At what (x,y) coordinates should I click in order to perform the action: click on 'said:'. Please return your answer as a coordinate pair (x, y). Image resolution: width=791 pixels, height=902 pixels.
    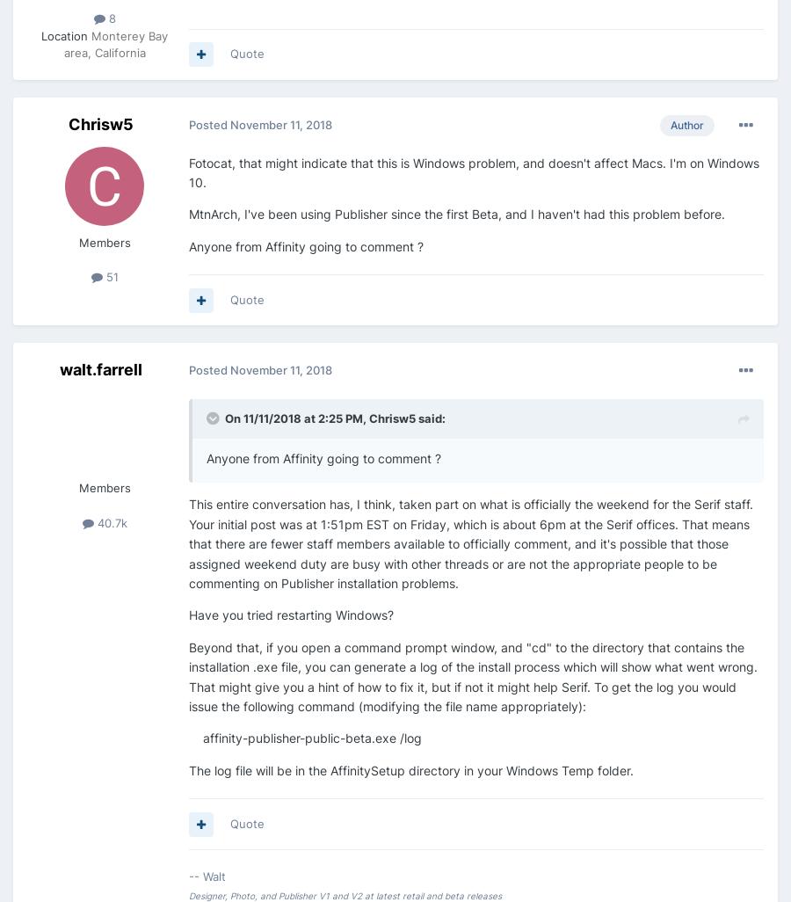
    Looking at the image, I should click on (415, 417).